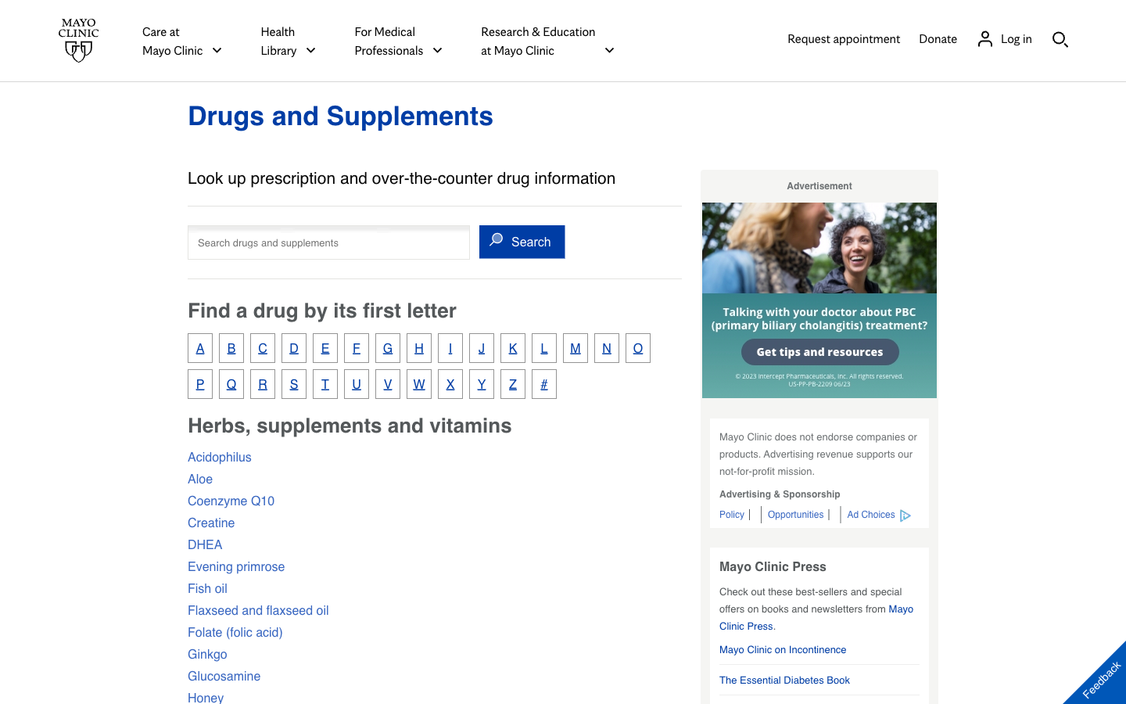  Describe the element at coordinates (797, 514) in the screenshot. I see `an employment search at Mayo Clinic` at that location.